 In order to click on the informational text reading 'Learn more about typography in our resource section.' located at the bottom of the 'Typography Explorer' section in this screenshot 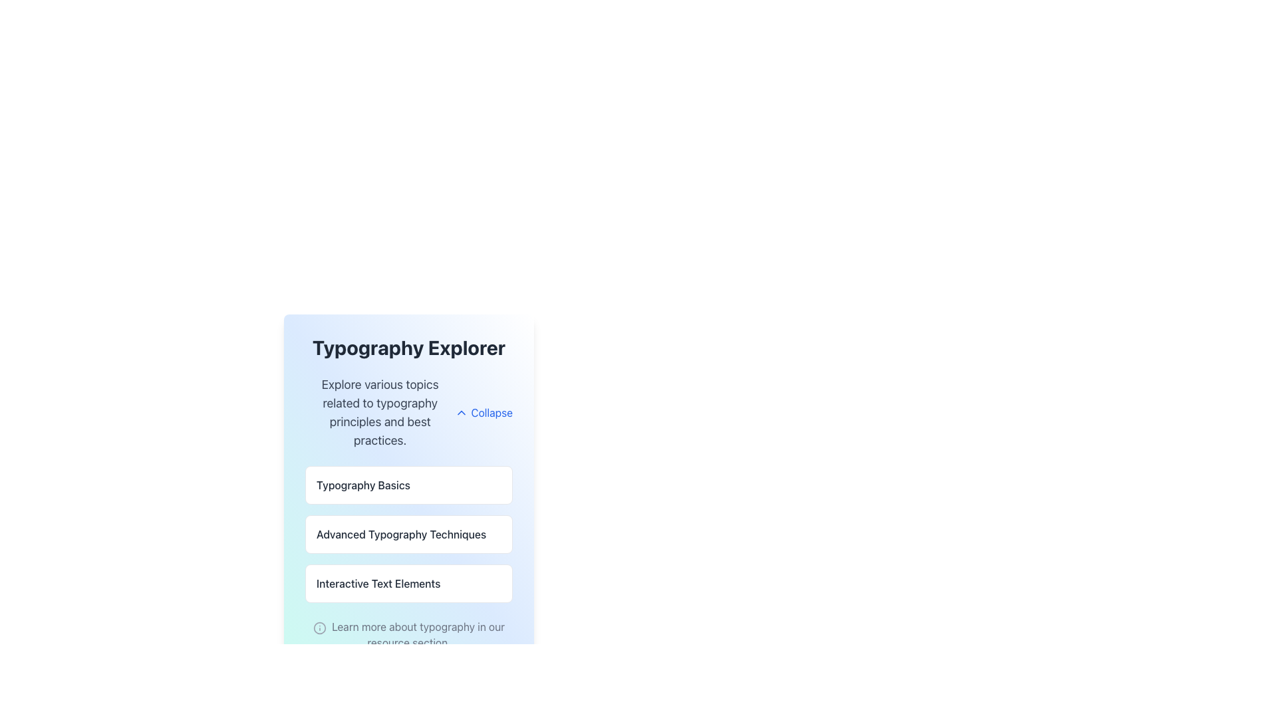, I will do `click(408, 634)`.